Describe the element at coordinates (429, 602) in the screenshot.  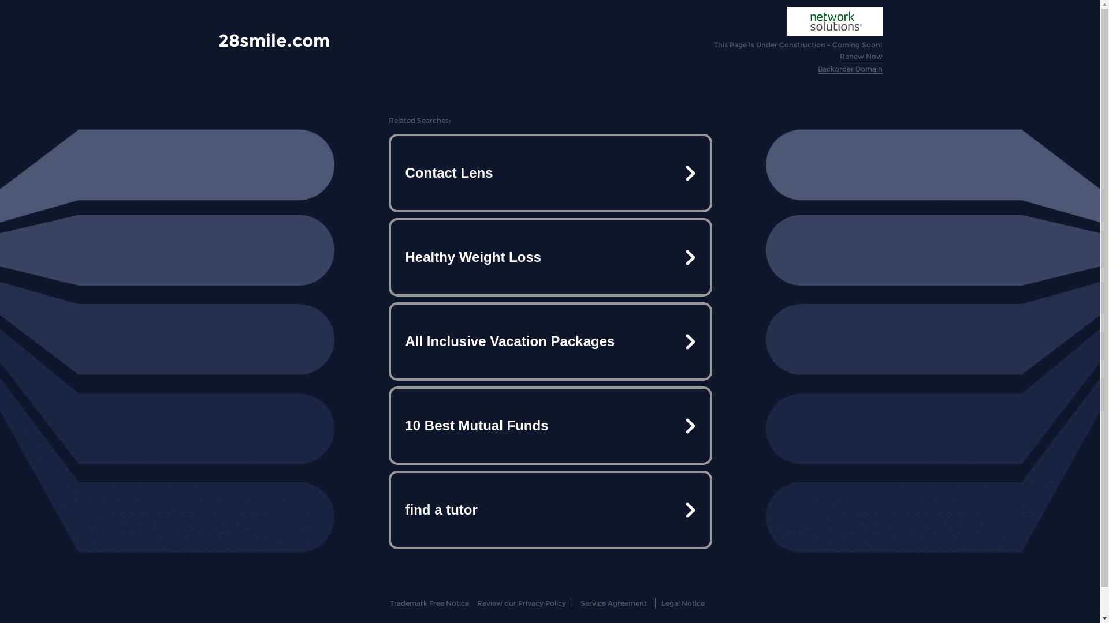
I see `'Trademark Free Notice'` at that location.